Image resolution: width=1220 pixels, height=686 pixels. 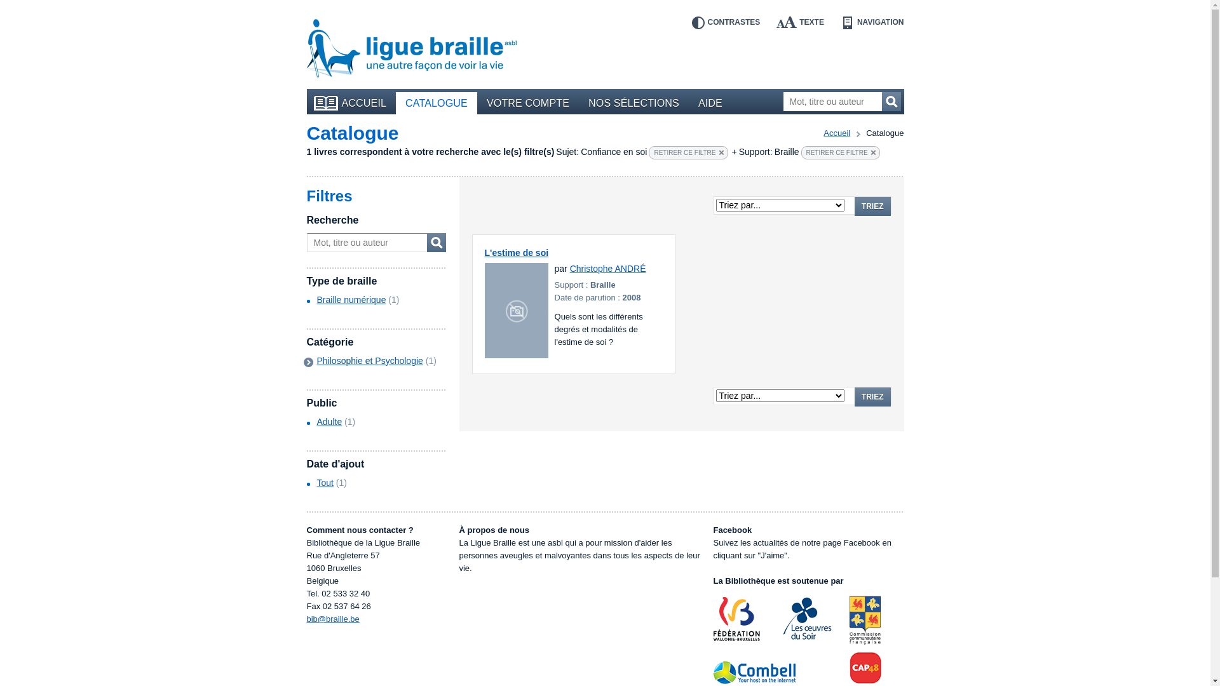 I want to click on 'RETIRER CE FILTRE', so click(x=841, y=152).